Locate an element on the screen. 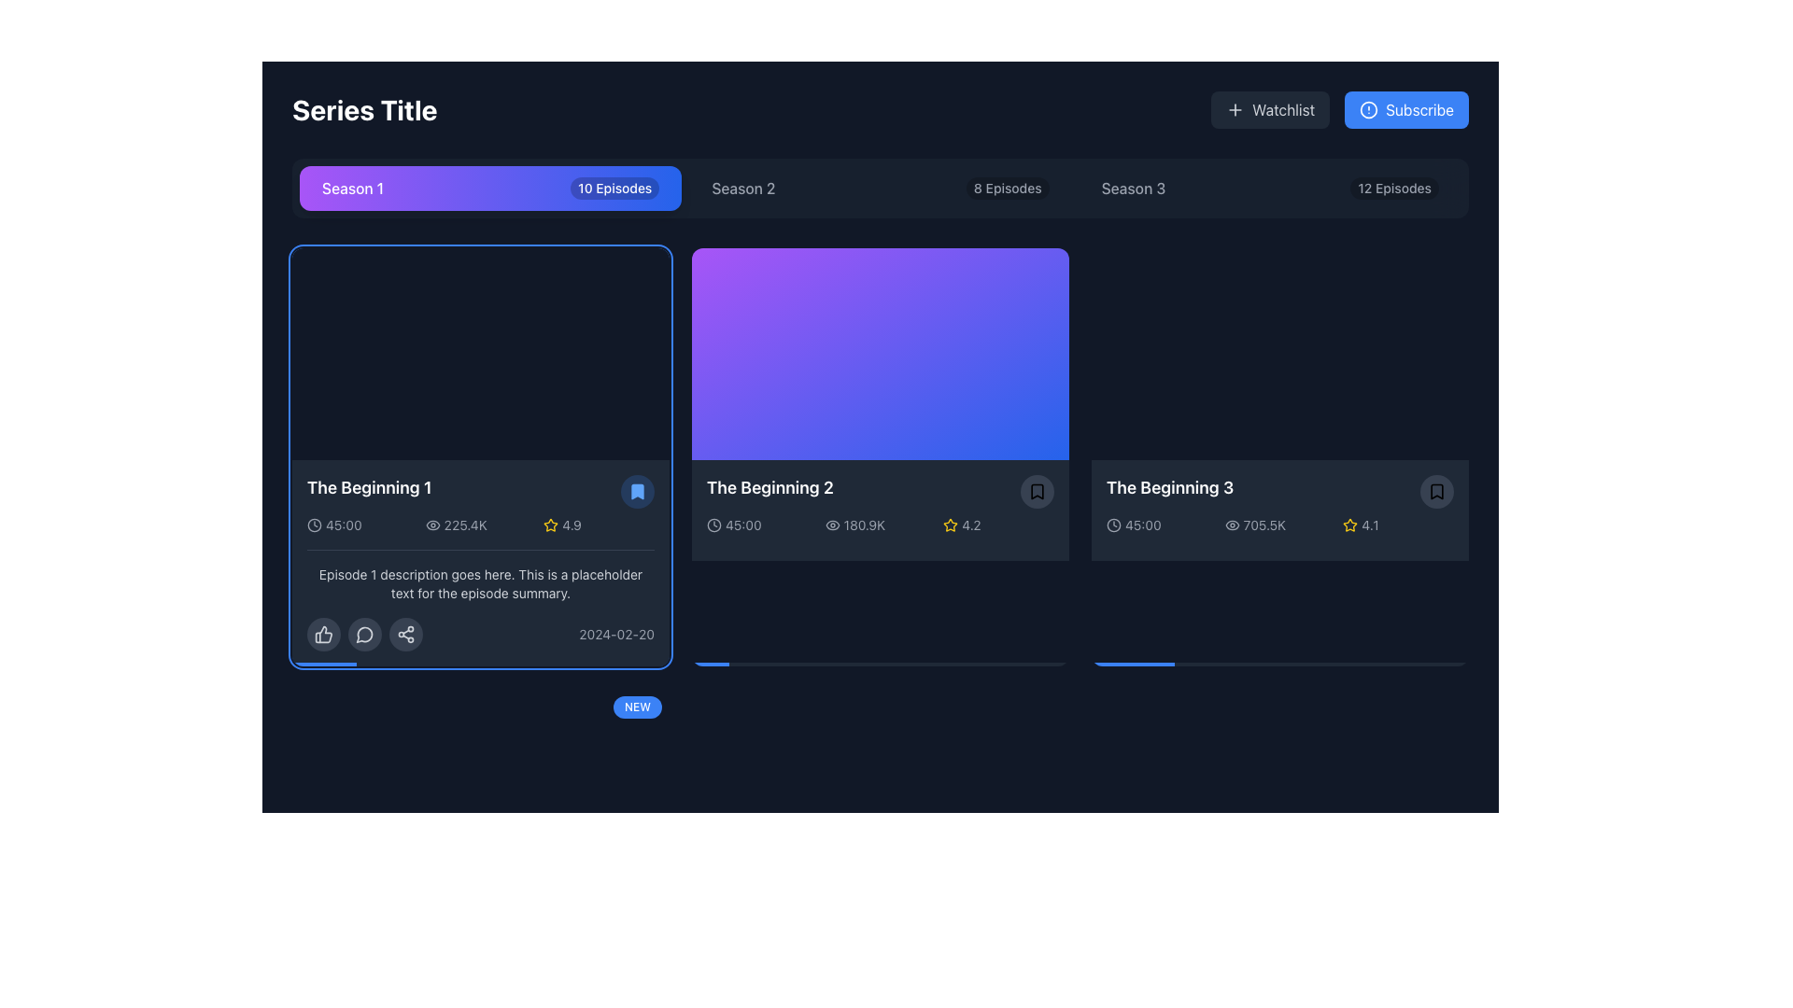 The image size is (1793, 1008). the 'Watchlist' text label within the button is located at coordinates (1282, 110).